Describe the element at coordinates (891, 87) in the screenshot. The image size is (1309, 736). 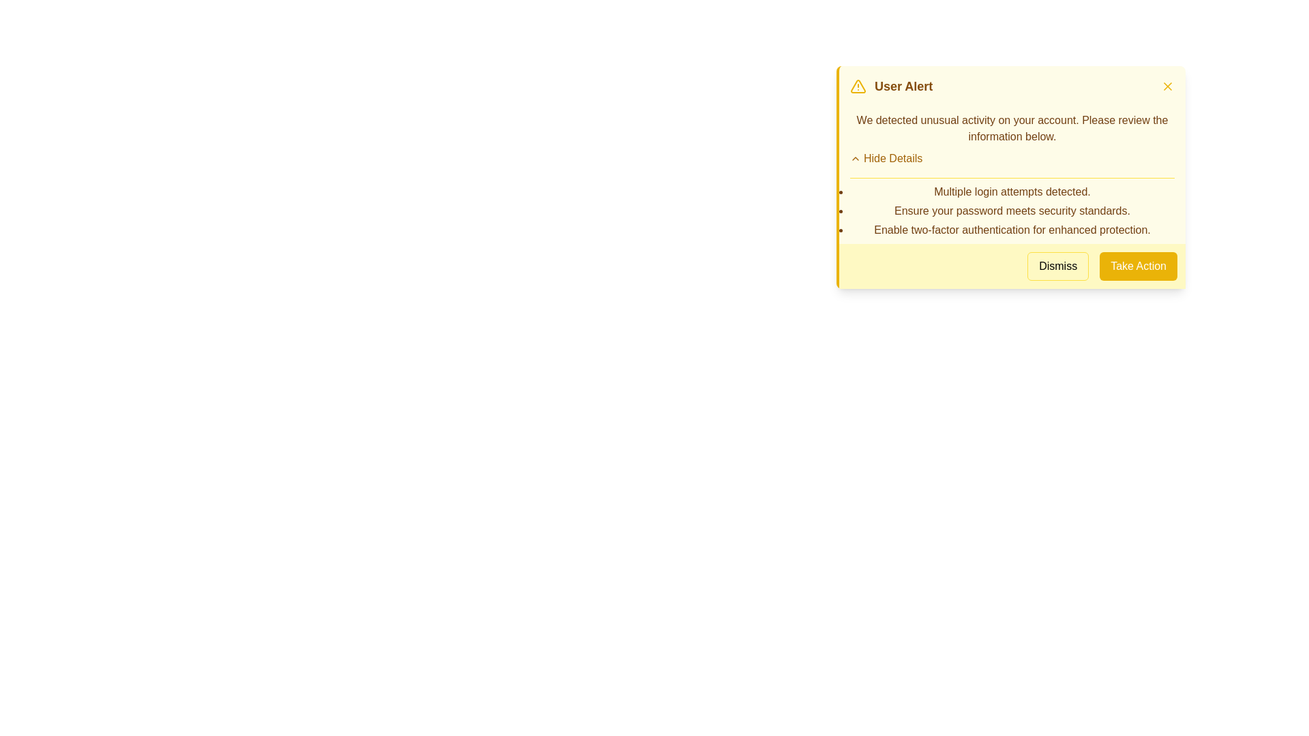
I see `contents of the 'User Alert' label with the yellow alert icon located at the top-left corner of the notification card` at that location.